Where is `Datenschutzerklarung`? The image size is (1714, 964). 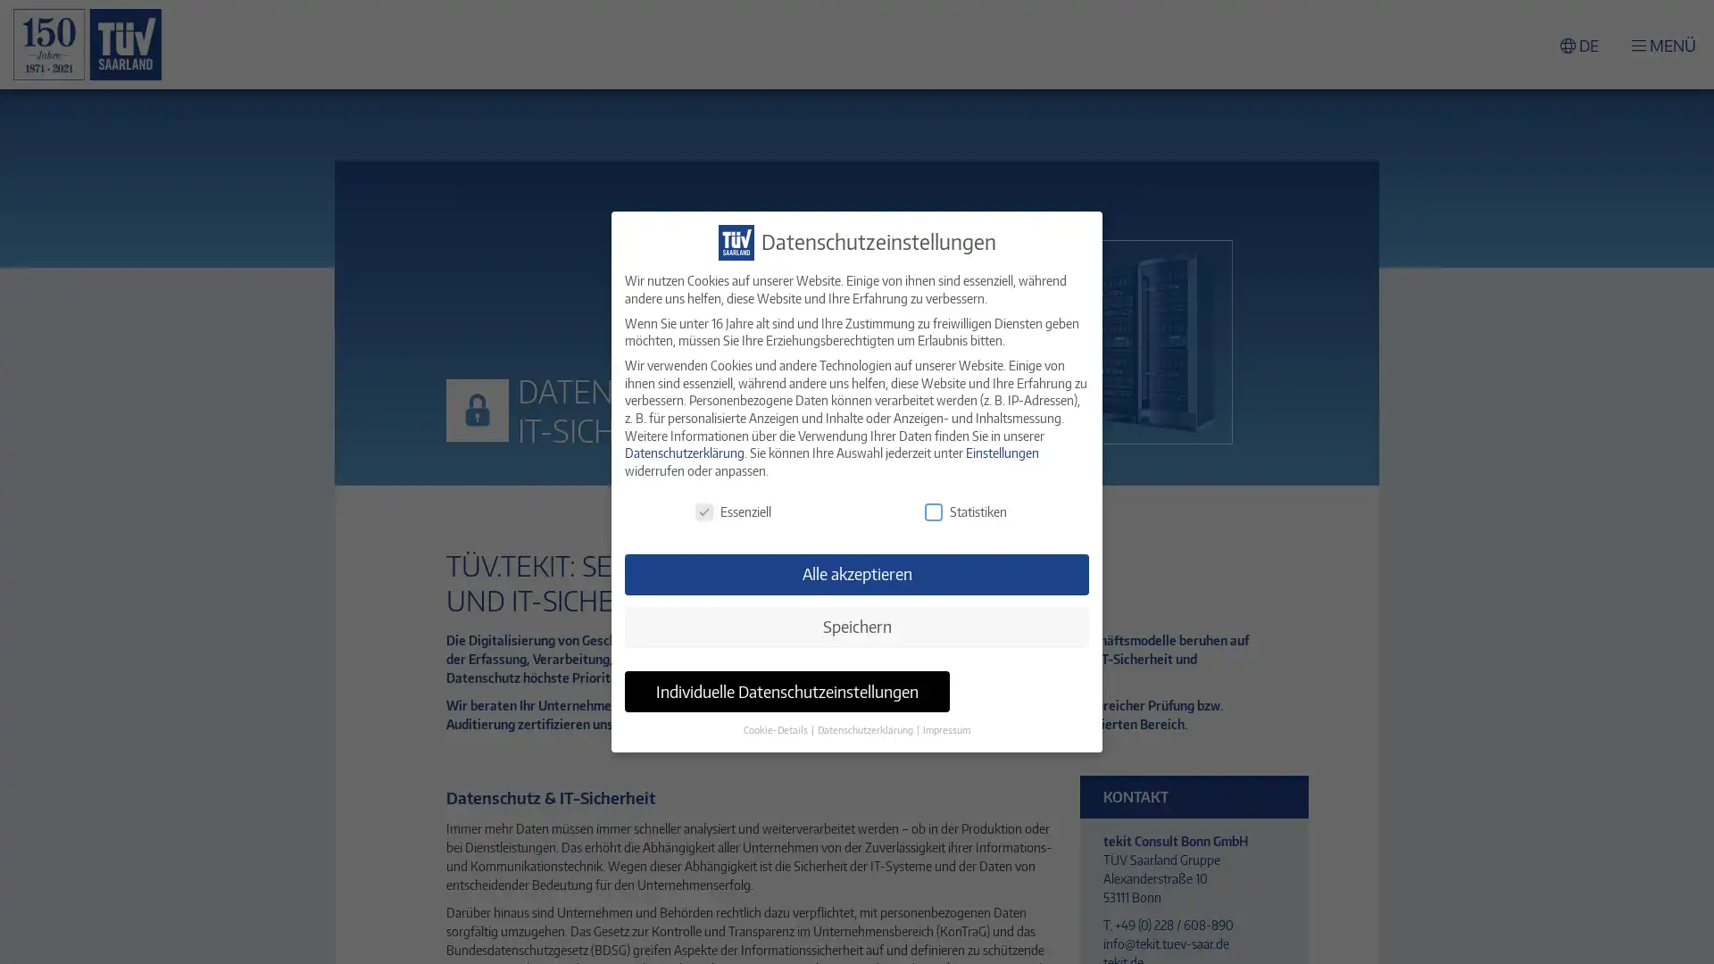
Datenschutzerklarung is located at coordinates (866, 729).